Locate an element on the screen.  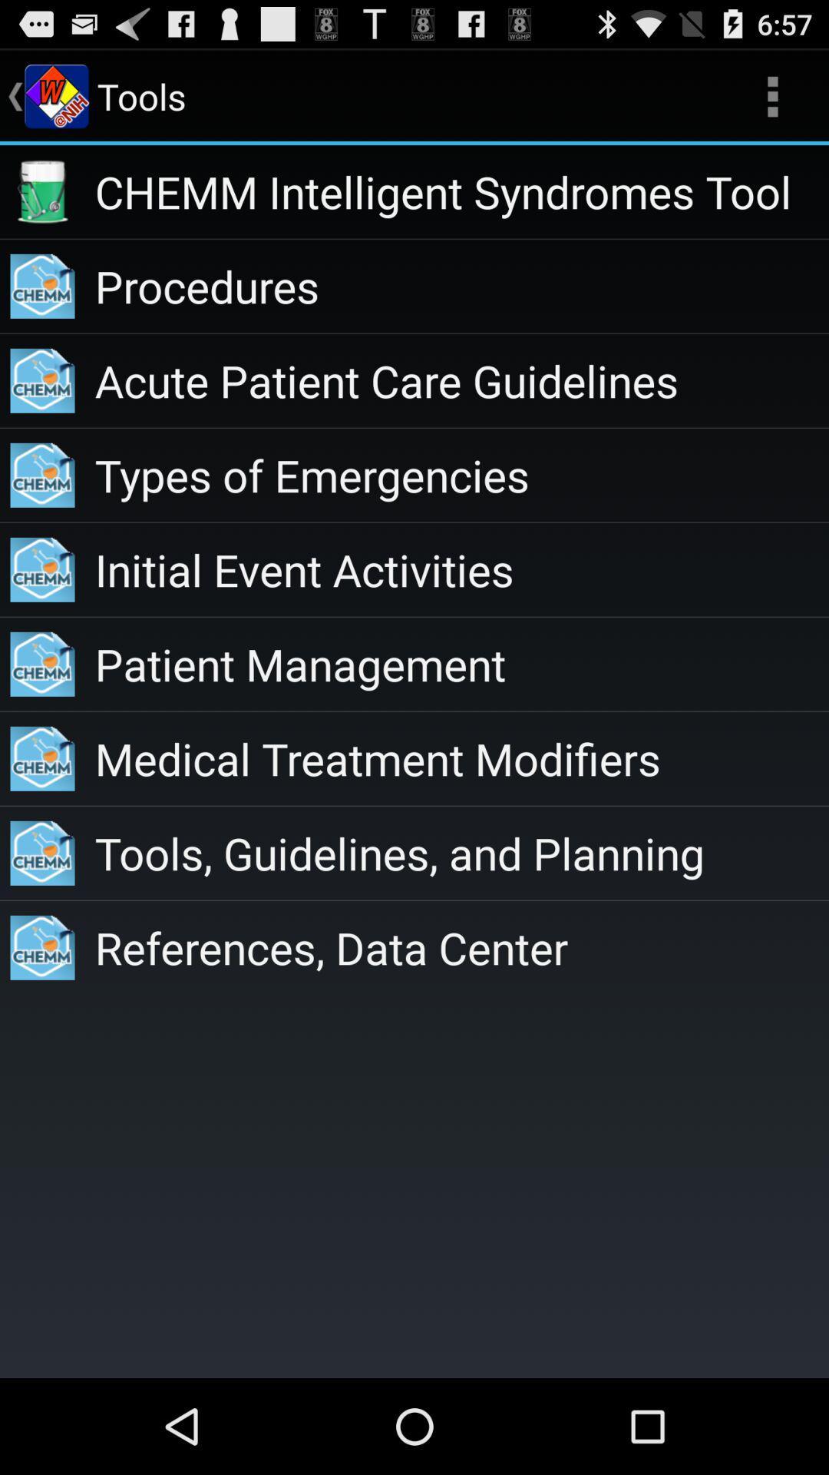
last image is located at coordinates (42, 946).